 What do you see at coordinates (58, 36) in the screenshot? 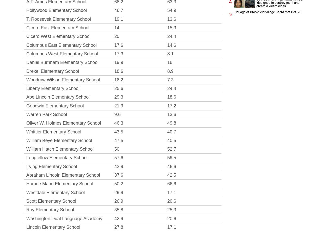
I see `'Cicero West Elementary School'` at bounding box center [58, 36].